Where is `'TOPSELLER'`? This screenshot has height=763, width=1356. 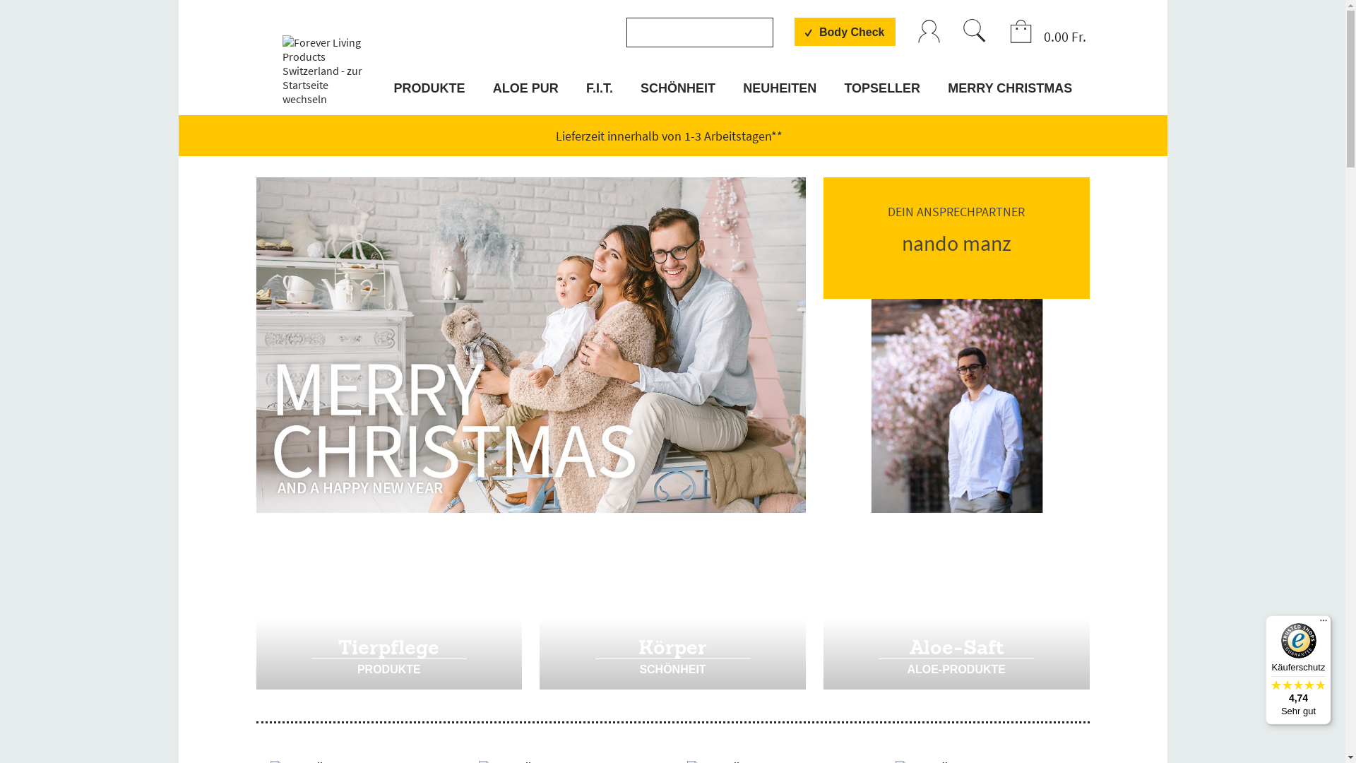
'TOPSELLER' is located at coordinates (840, 96).